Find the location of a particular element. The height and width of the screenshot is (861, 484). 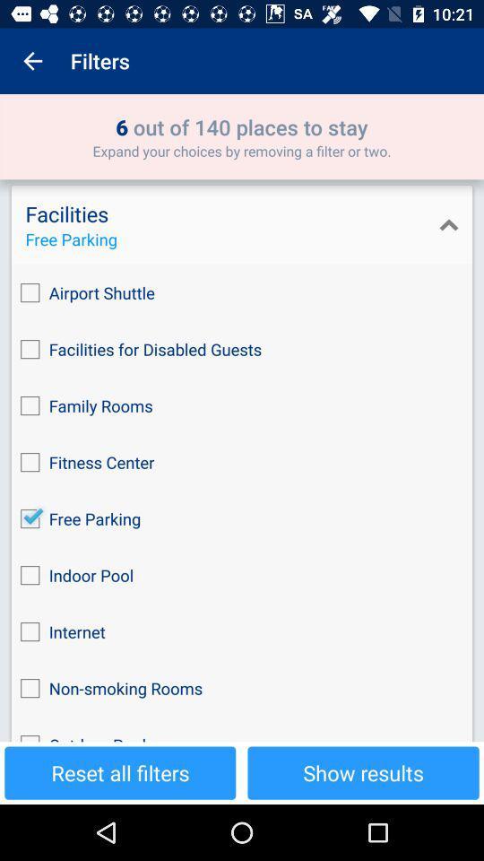

the icon above family rooms icon is located at coordinates (242, 348).